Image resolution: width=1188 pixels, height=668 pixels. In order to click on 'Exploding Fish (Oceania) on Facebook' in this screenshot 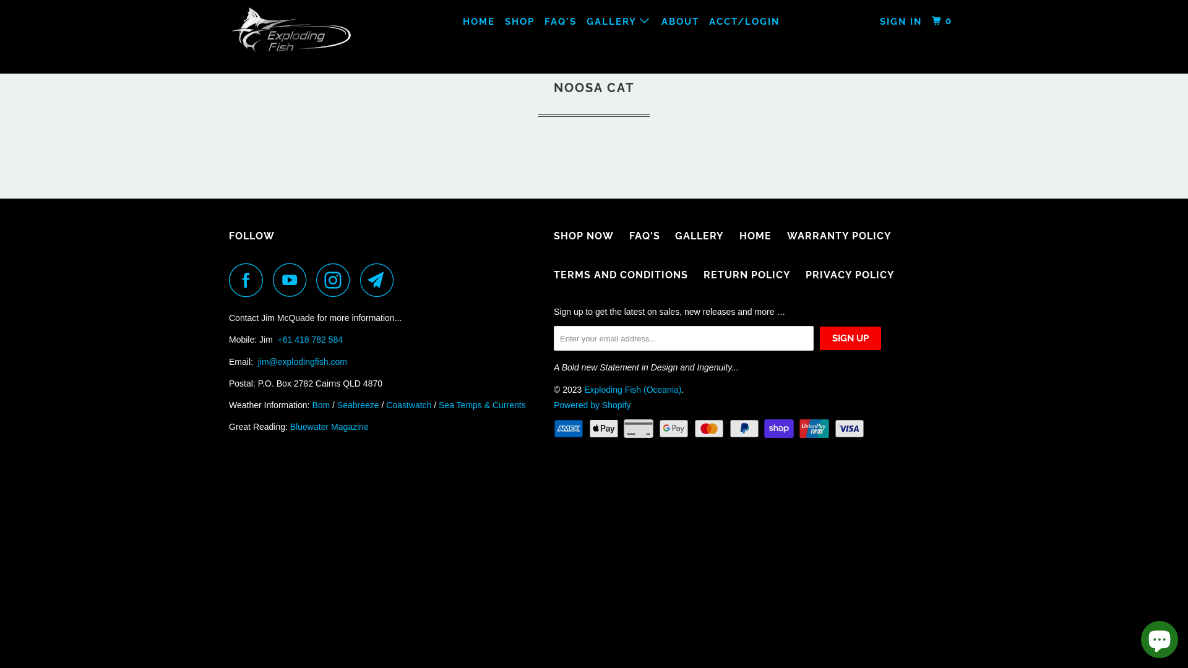, I will do `click(249, 280)`.